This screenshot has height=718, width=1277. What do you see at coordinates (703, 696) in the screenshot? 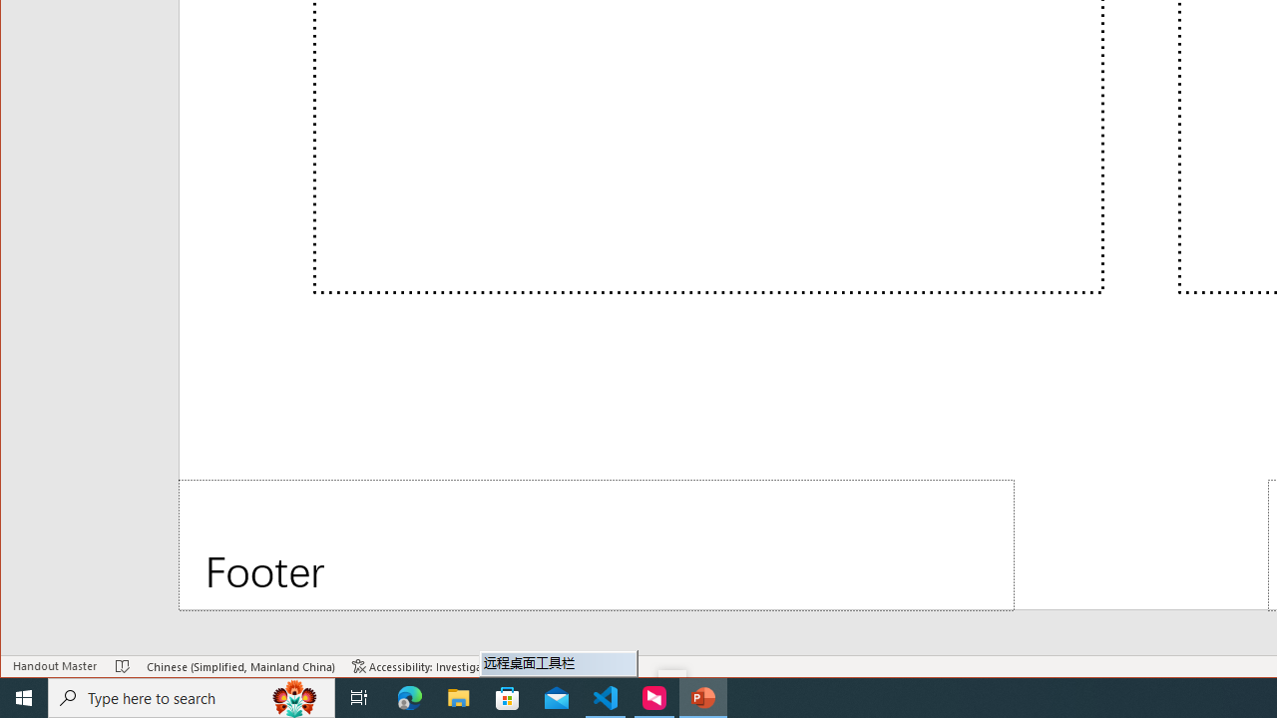
I see `'PowerPoint - 1 running window'` at bounding box center [703, 696].